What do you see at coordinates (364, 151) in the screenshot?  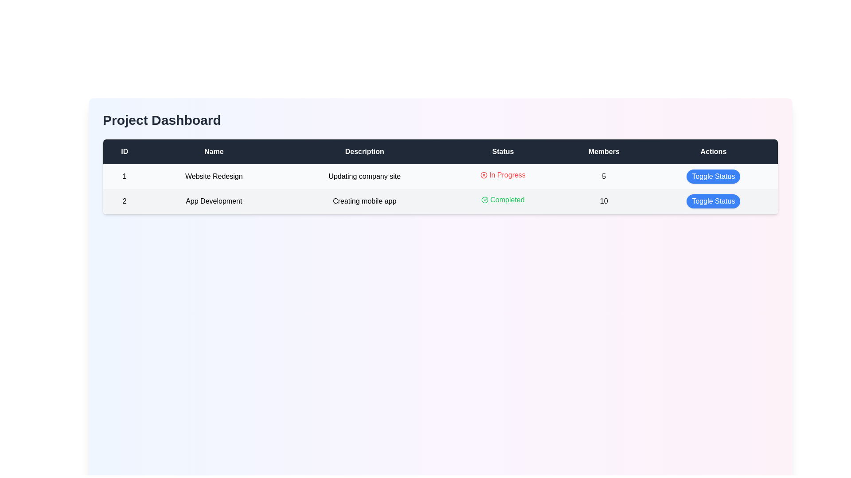 I see `text of the 'Description' label located in the header row of the table, positioned between the 'Name' and 'Status' columns` at bounding box center [364, 151].